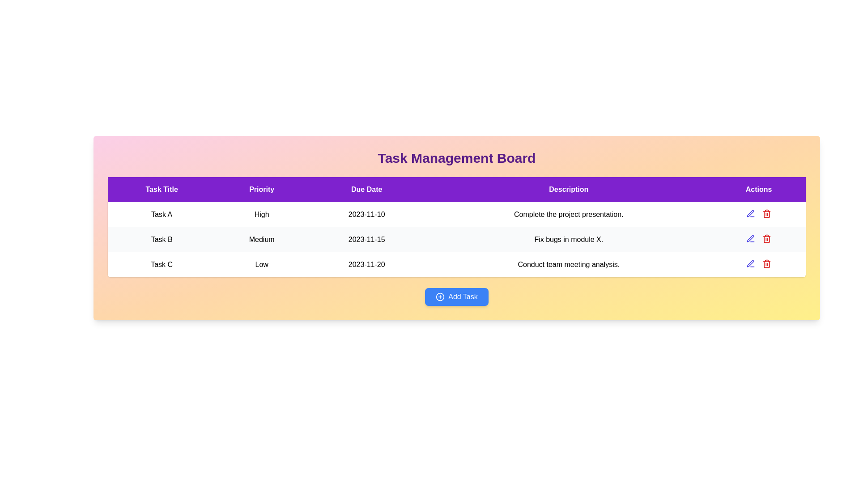 This screenshot has height=483, width=859. What do you see at coordinates (440, 297) in the screenshot?
I see `the 'Add Task' button which contains the circular outline of the addition icon` at bounding box center [440, 297].